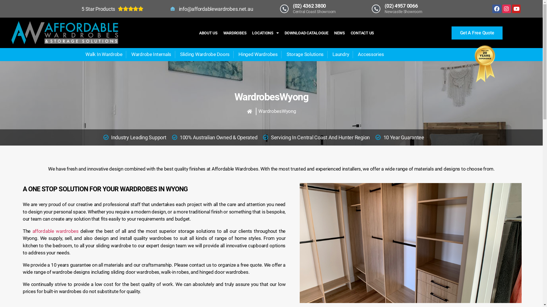  What do you see at coordinates (277, 111) in the screenshot?
I see `'WardrobesWyong'` at bounding box center [277, 111].